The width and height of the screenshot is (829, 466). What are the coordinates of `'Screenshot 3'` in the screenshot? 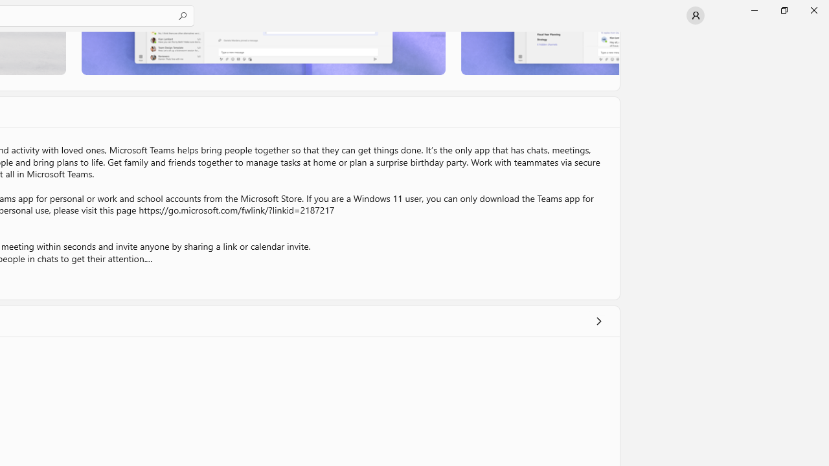 It's located at (539, 52).